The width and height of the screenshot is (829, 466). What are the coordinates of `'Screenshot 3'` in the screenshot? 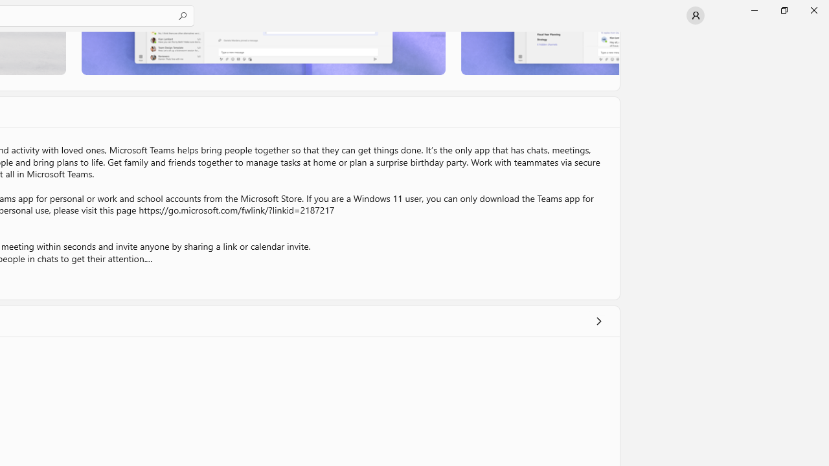 It's located at (539, 52).